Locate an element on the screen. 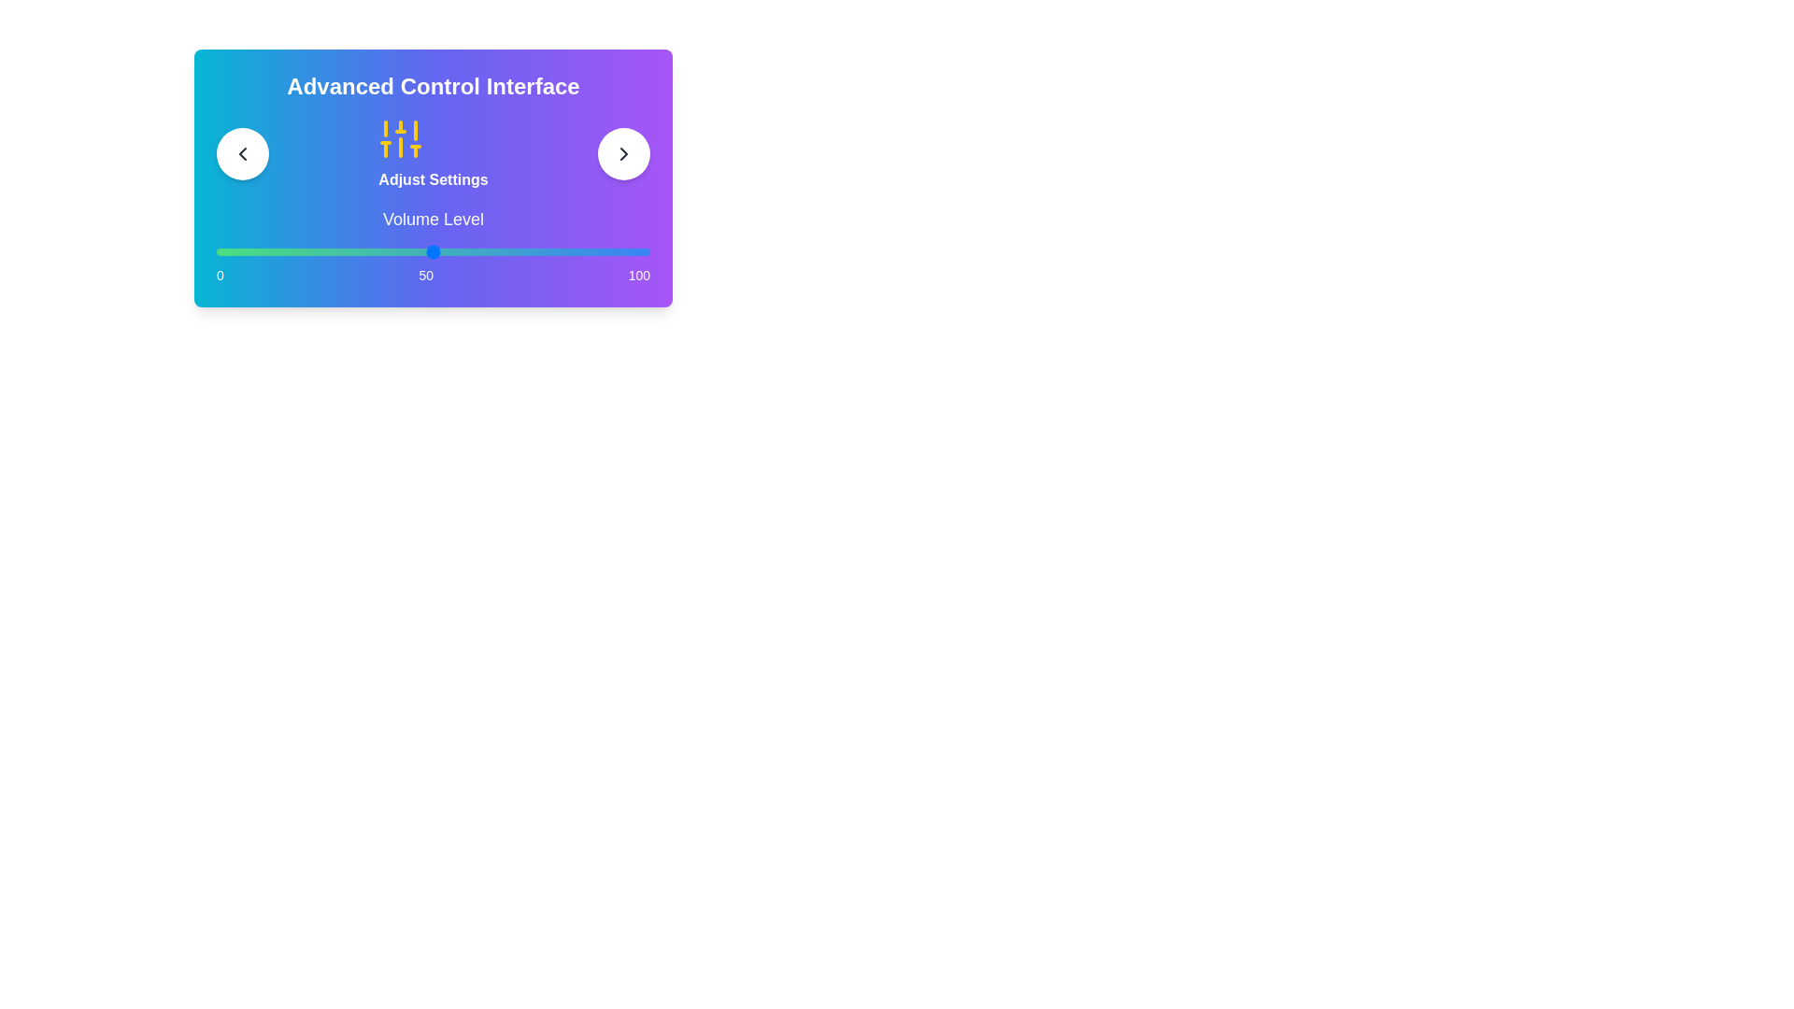 The width and height of the screenshot is (1794, 1009). the slider to set the value to 54 is located at coordinates (450, 252).